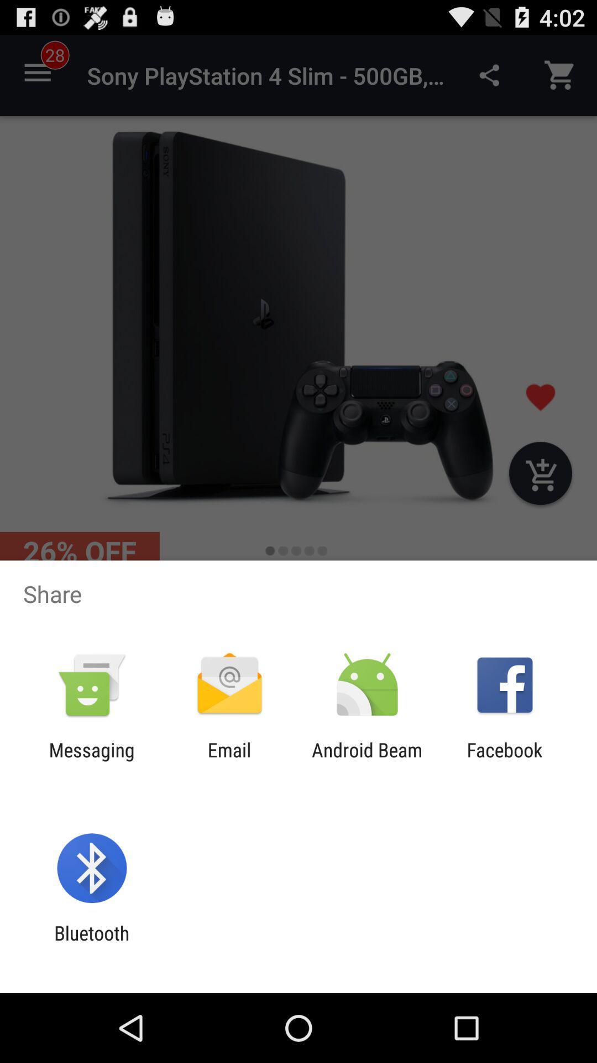 The image size is (597, 1063). Describe the element at coordinates (91, 761) in the screenshot. I see `the icon next to email` at that location.